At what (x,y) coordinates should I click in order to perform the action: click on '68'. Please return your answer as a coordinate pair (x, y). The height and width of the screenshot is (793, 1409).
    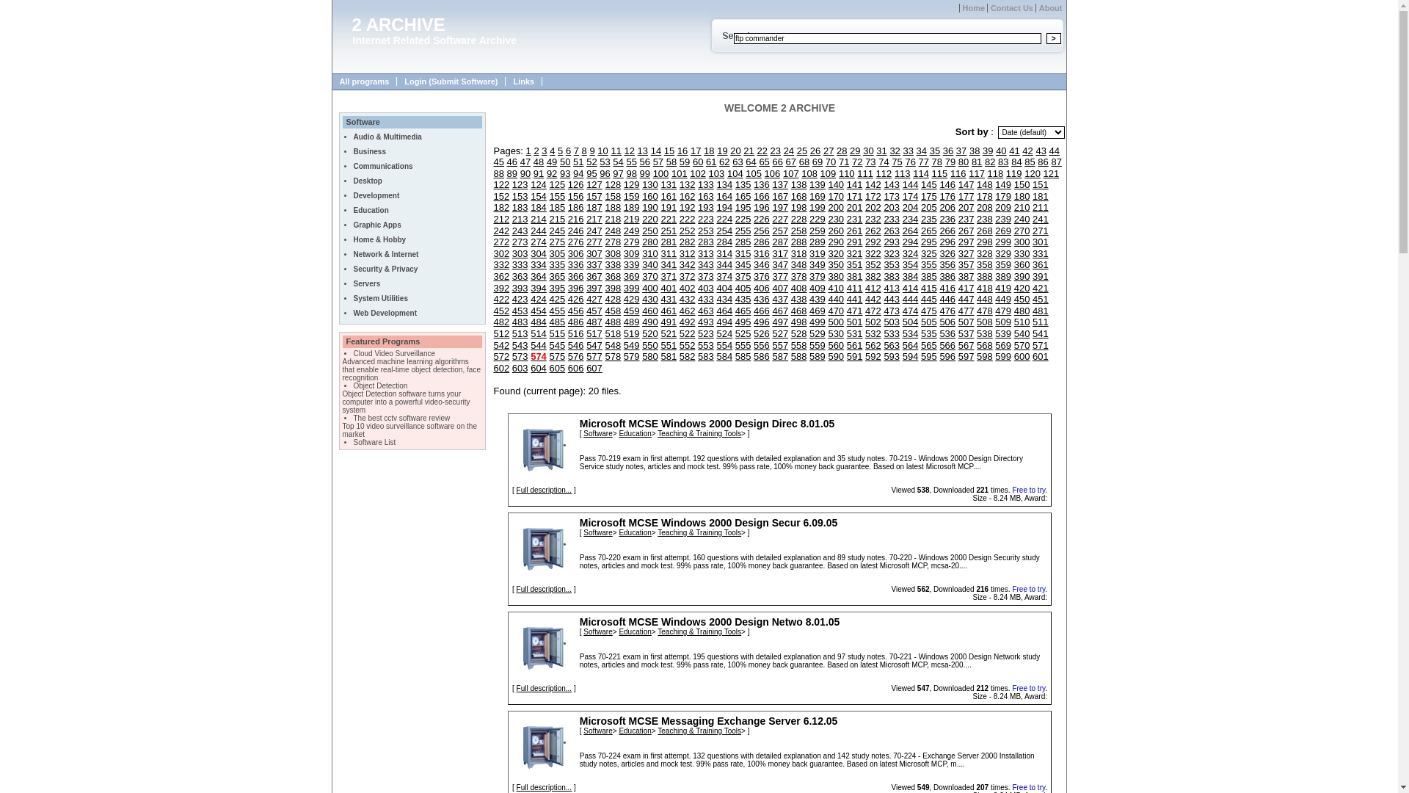
    Looking at the image, I should click on (798, 162).